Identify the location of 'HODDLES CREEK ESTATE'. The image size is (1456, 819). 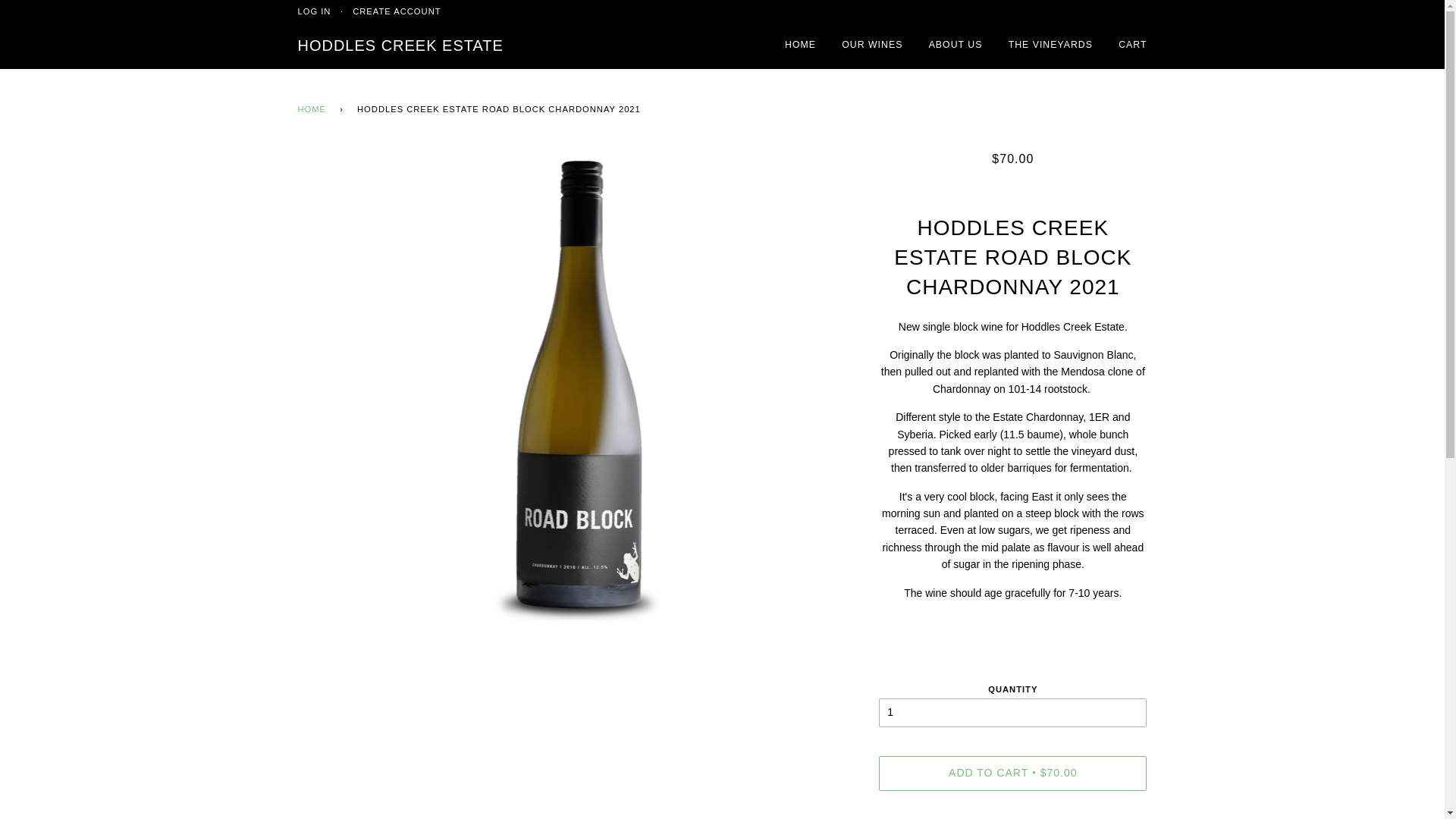
(400, 45).